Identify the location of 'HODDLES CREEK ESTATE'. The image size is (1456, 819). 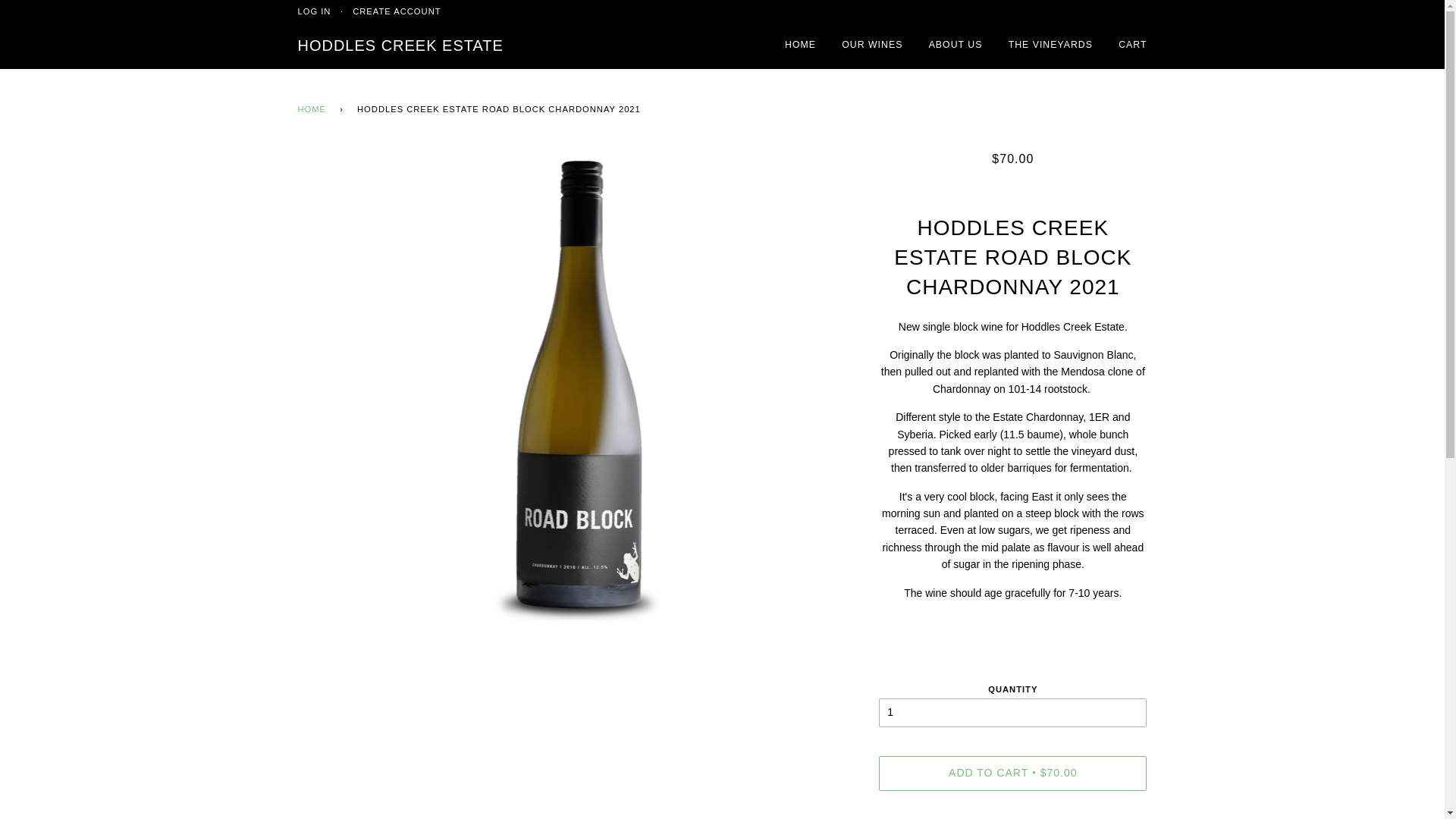
(400, 45).